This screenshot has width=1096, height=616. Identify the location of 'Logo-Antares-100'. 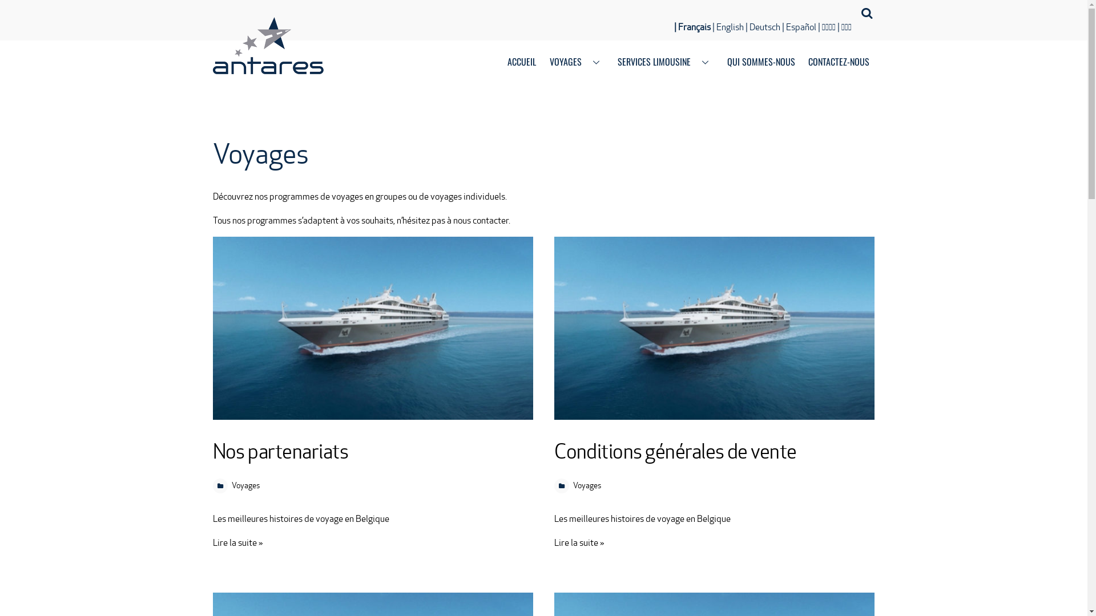
(267, 45).